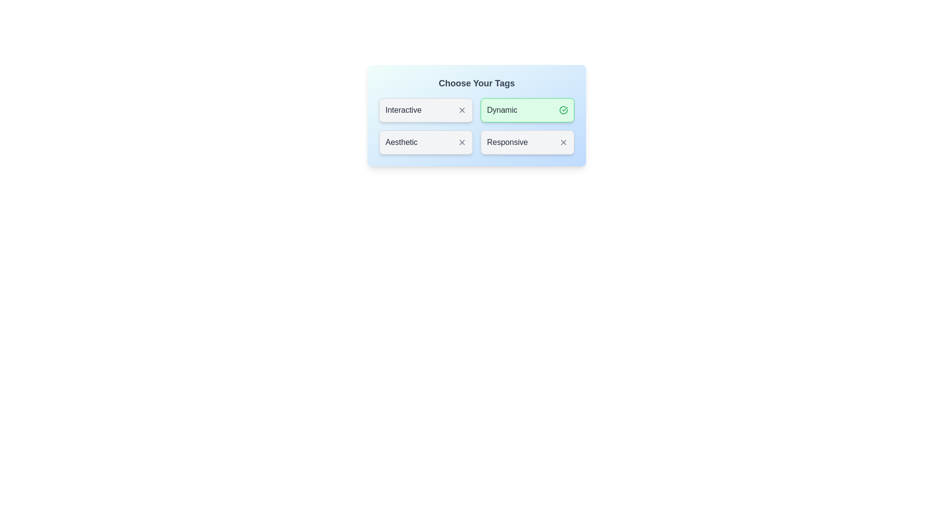  What do you see at coordinates (426, 110) in the screenshot?
I see `the tag labeled Interactive` at bounding box center [426, 110].